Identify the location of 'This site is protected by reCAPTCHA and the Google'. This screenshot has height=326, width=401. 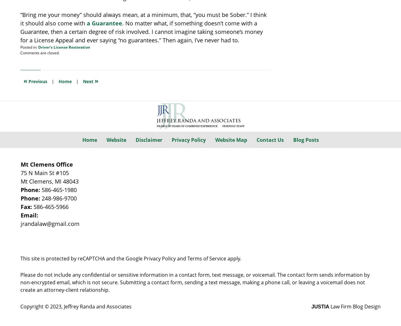
(82, 258).